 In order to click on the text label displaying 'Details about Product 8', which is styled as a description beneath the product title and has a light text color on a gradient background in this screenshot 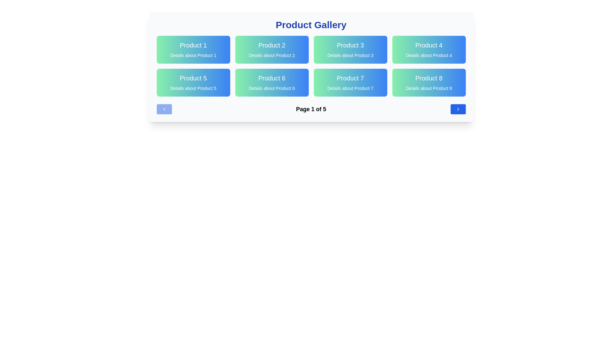, I will do `click(429, 88)`.